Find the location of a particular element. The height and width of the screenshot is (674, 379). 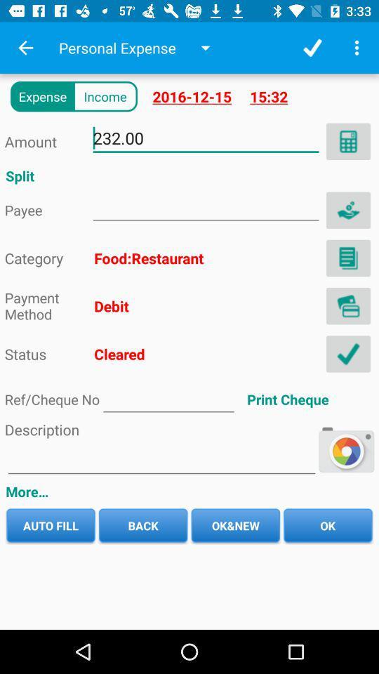

advertisement page is located at coordinates (205, 206).